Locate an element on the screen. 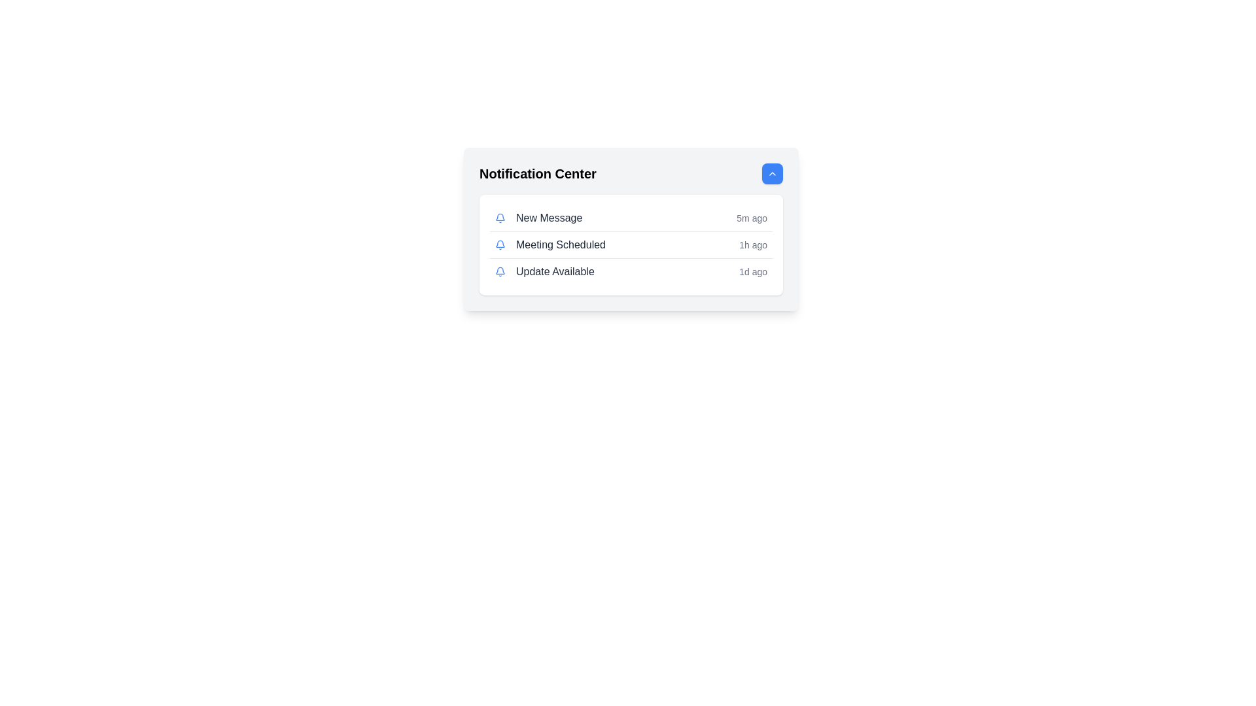  the static text label indicating the time elapsed since the notification was generated, which is part of the 'Update Available' notification entry located on the far right side next to the main text content is located at coordinates (753, 271).